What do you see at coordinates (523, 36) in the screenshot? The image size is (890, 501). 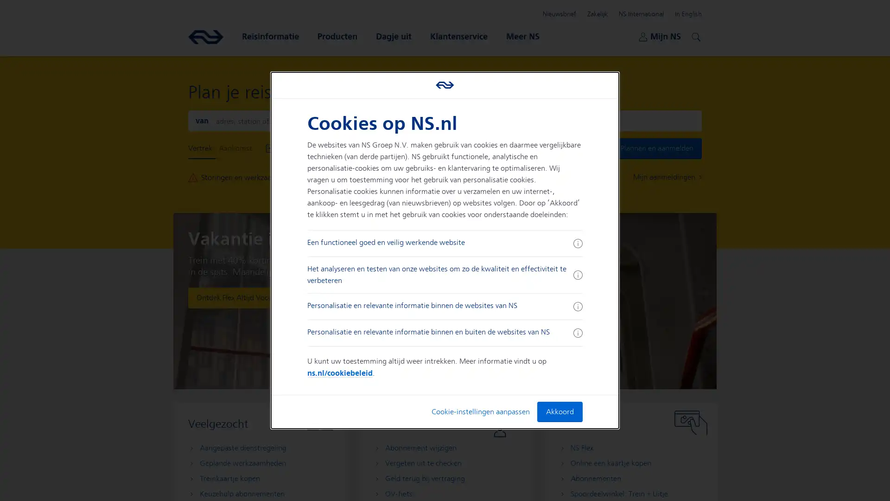 I see `Meer NS Open submenu` at bounding box center [523, 36].